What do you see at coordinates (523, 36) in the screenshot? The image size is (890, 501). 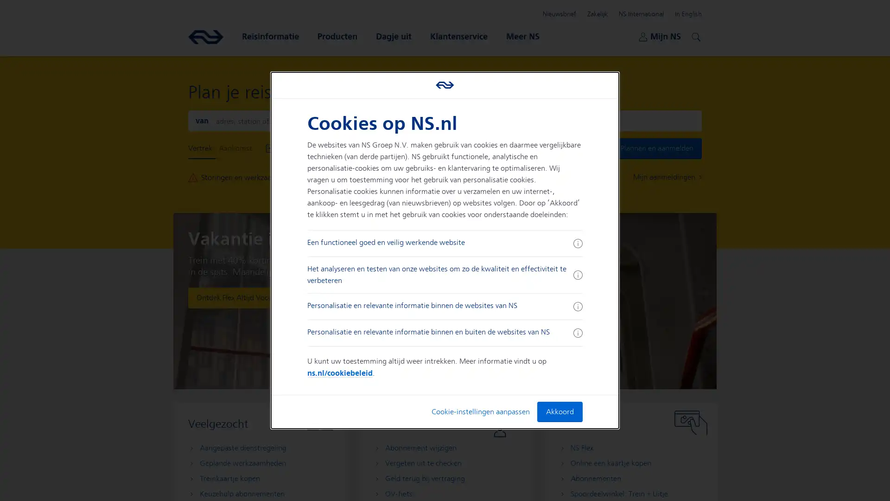 I see `Meer NS Open submenu` at bounding box center [523, 36].